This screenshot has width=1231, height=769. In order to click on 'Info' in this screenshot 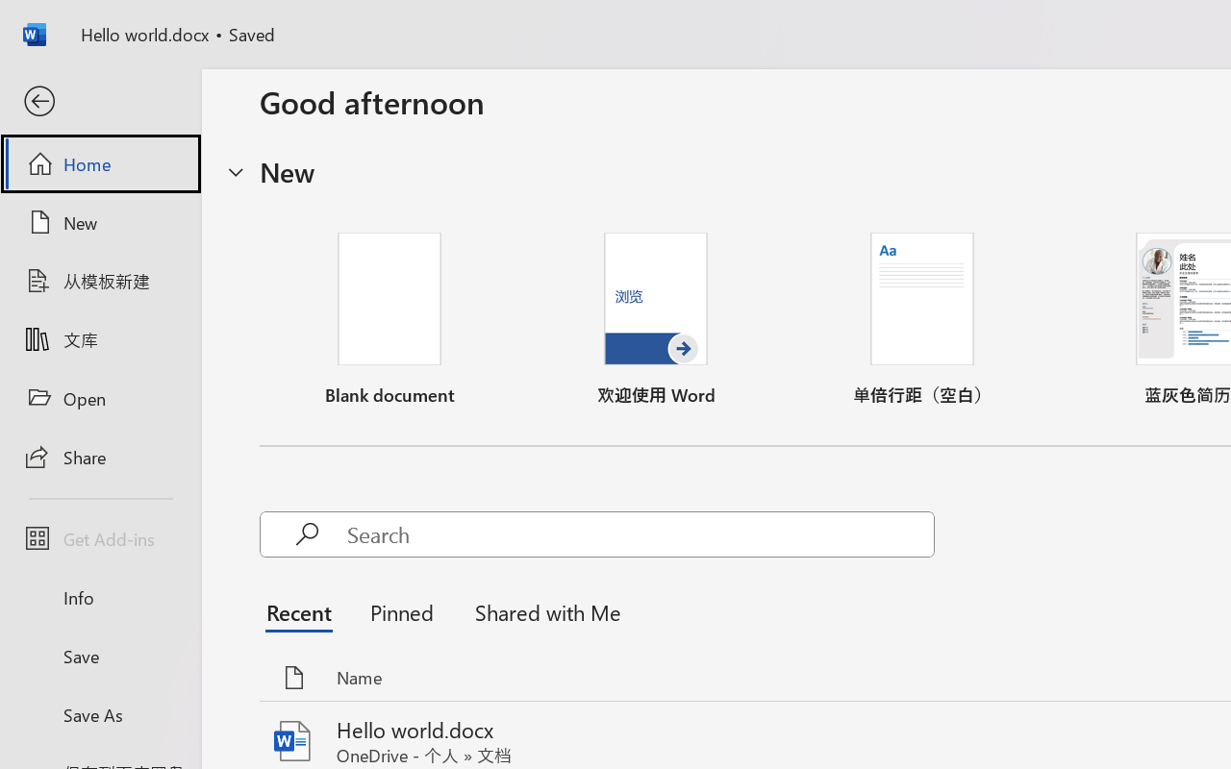, I will do `click(99, 597)`.